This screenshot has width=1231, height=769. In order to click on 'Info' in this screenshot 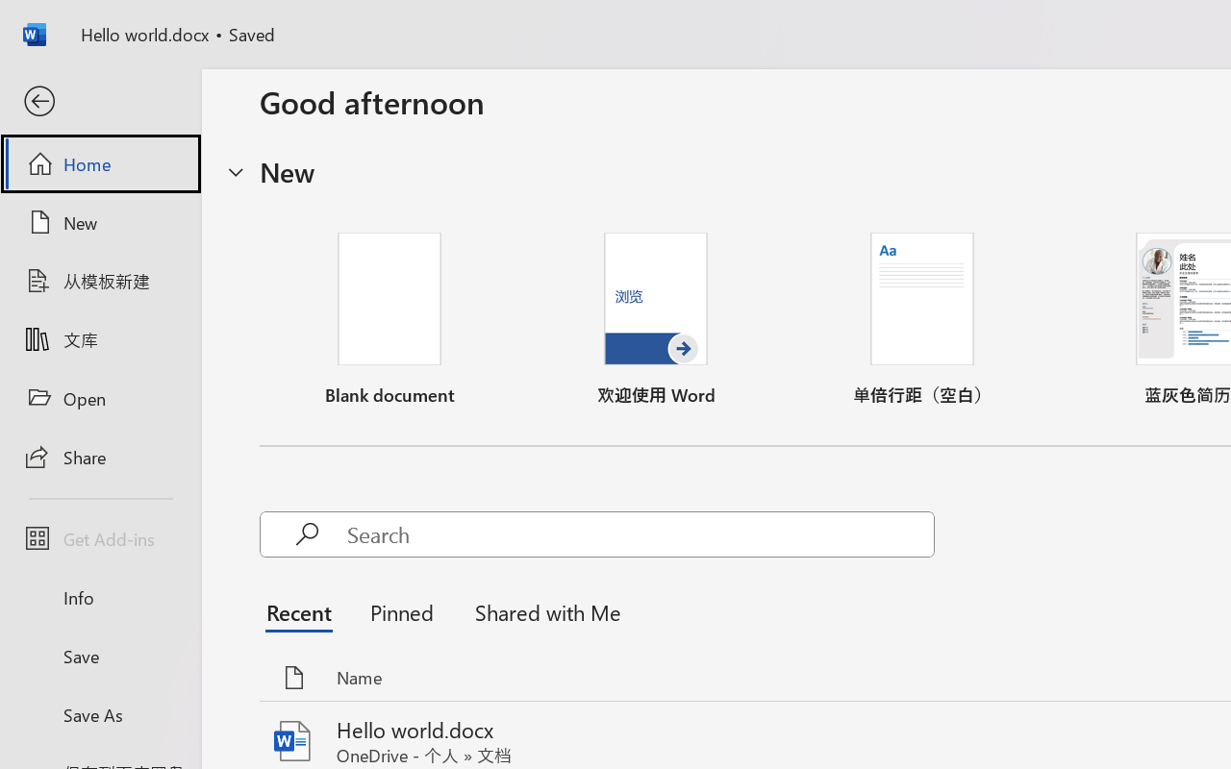, I will do `click(99, 597)`.